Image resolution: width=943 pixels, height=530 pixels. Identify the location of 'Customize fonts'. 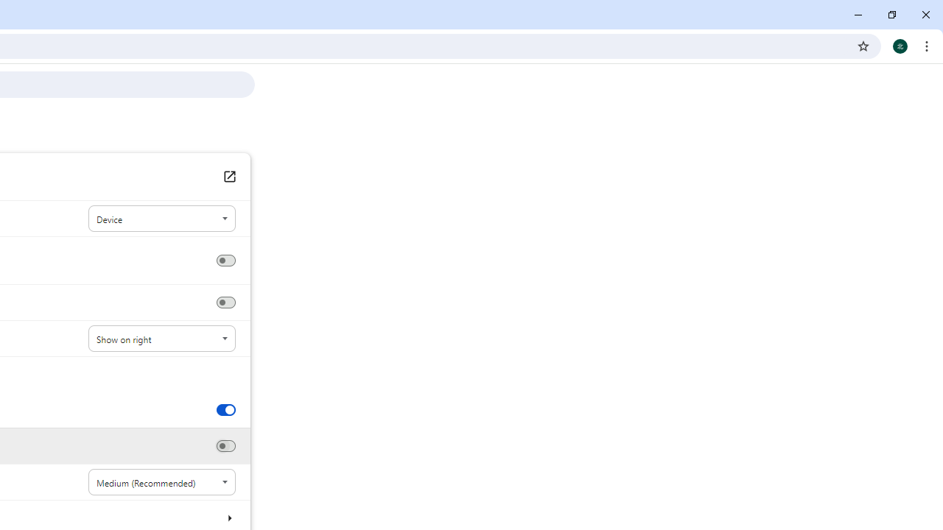
(228, 517).